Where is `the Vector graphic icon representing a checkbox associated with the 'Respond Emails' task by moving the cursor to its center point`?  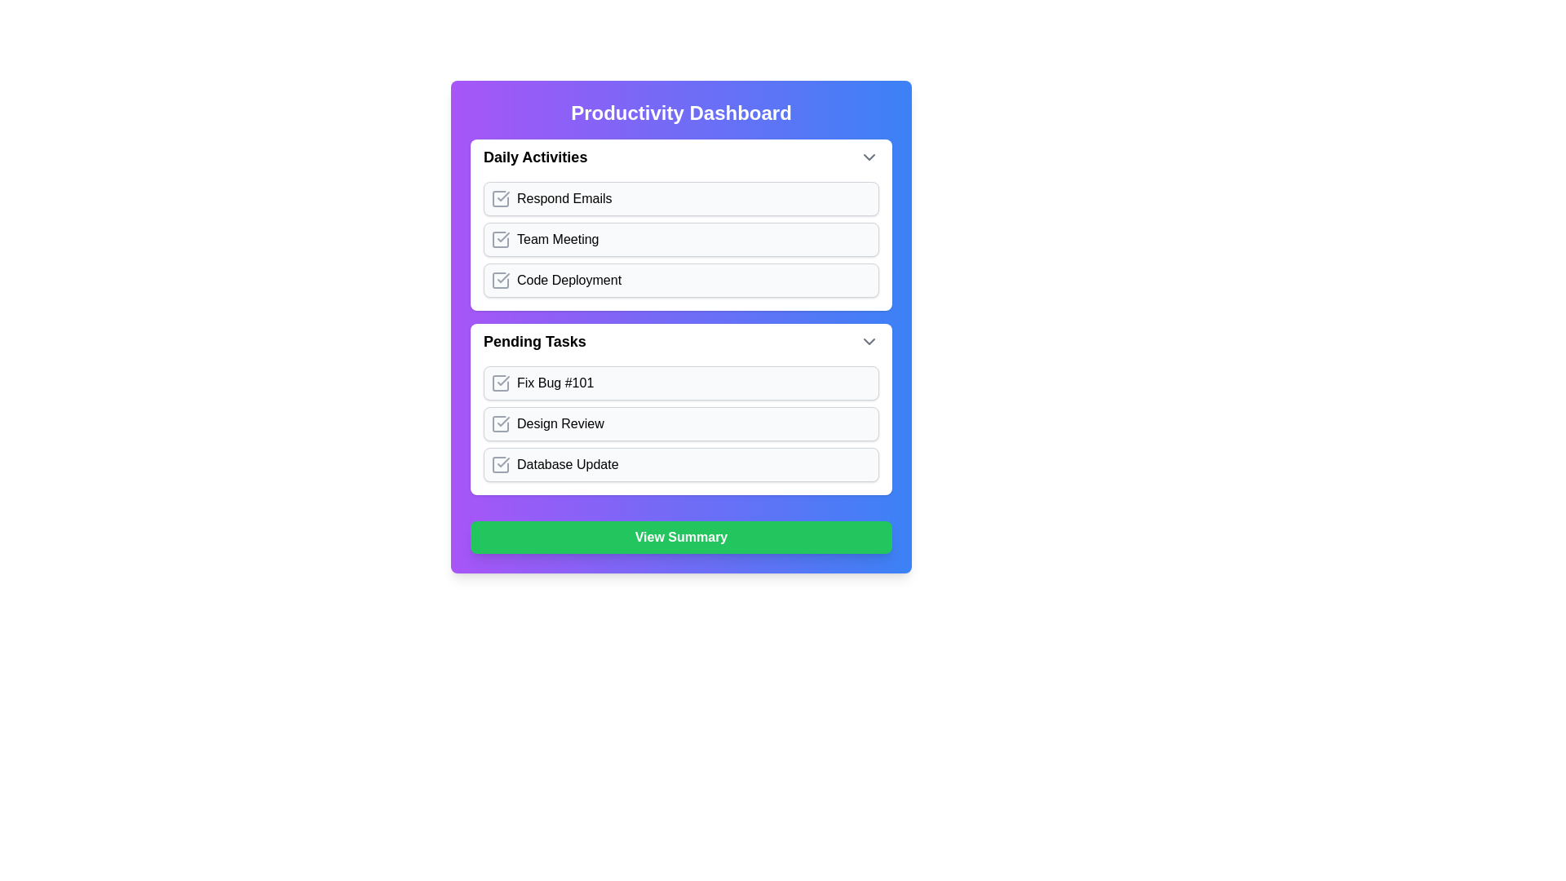
the Vector graphic icon representing a checkbox associated with the 'Respond Emails' task by moving the cursor to its center point is located at coordinates (500, 197).